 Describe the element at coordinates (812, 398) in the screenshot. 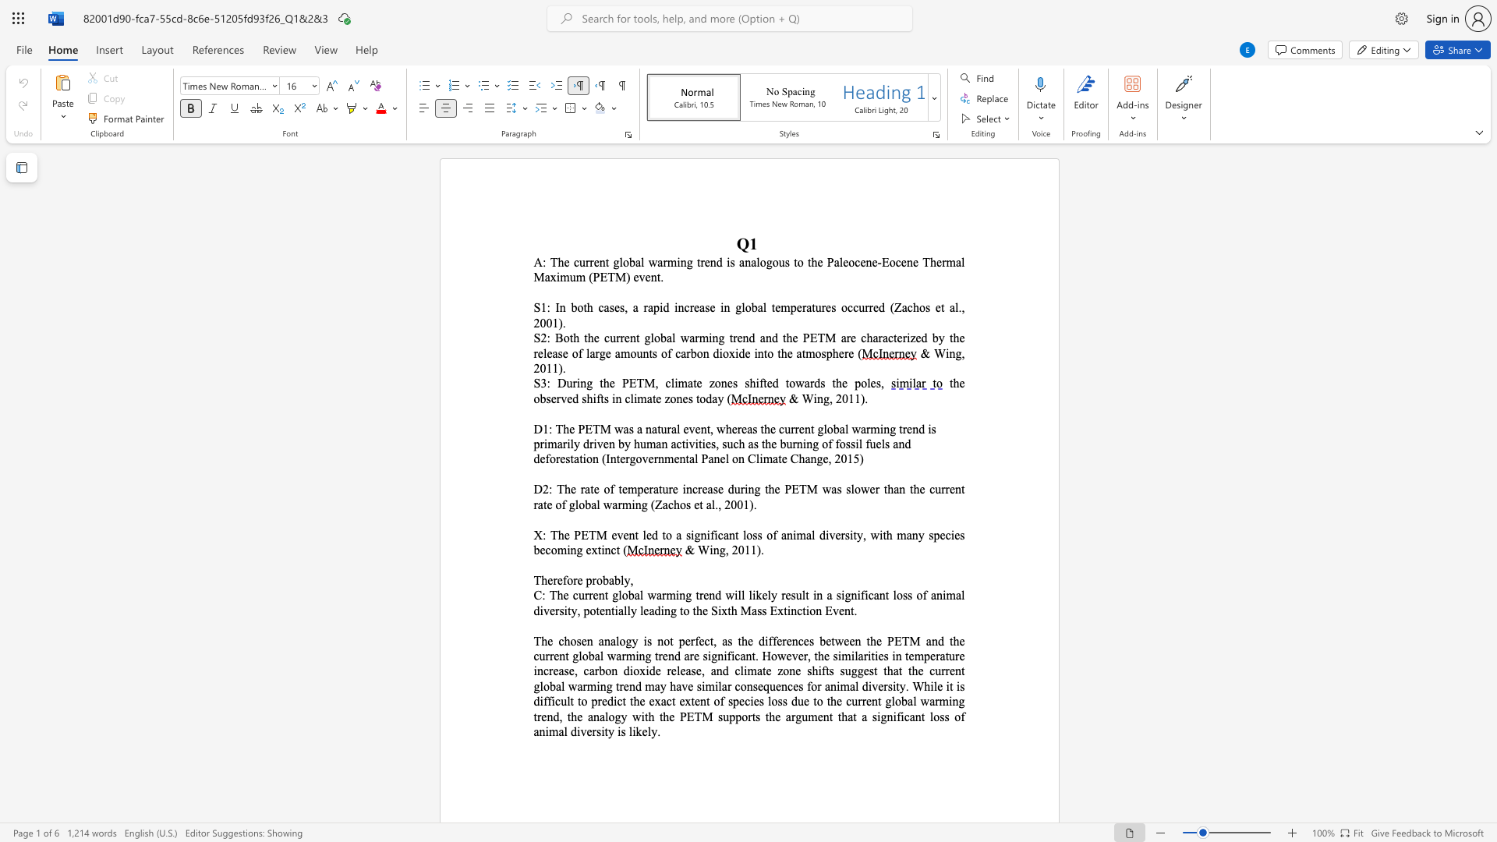

I see `the subset text "ing," within the text "& Wing, 20"` at that location.